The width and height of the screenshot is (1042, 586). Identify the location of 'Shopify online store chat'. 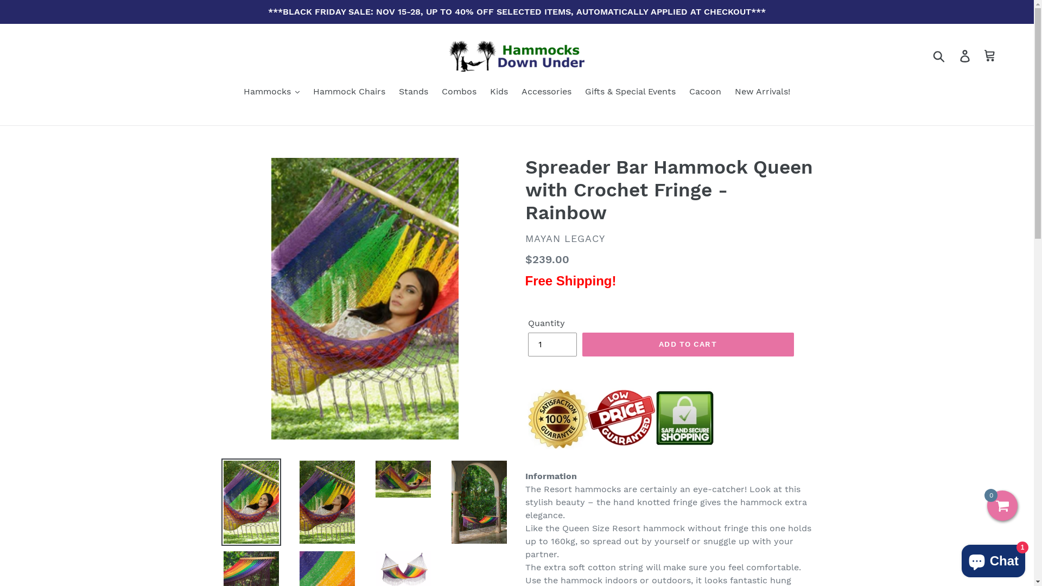
(993, 558).